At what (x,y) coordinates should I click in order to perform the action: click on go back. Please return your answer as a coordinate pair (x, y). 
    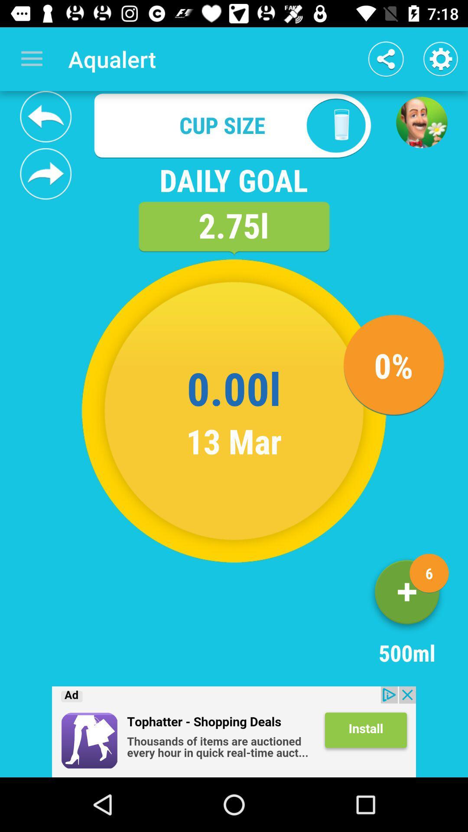
    Looking at the image, I should click on (45, 116).